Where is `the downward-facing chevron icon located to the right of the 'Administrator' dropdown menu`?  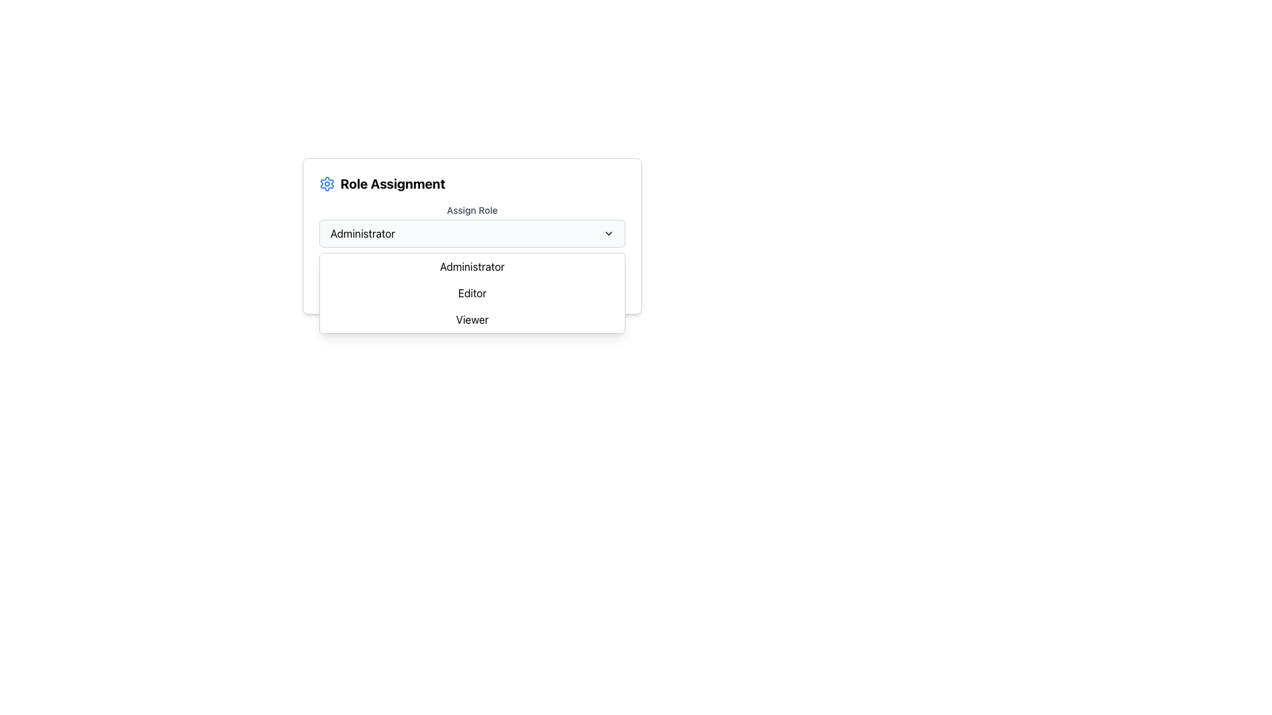 the downward-facing chevron icon located to the right of the 'Administrator' dropdown menu is located at coordinates (608, 233).